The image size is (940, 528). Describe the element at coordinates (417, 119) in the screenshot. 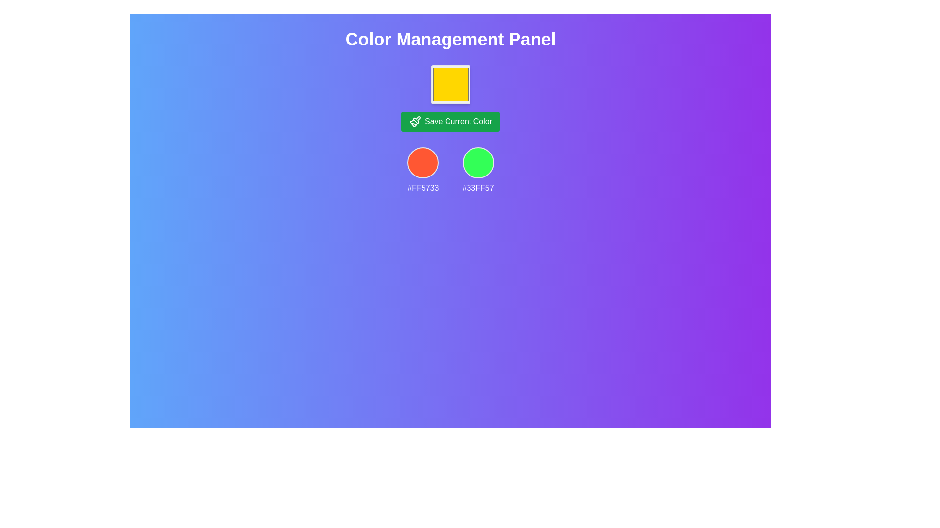

I see `the SVG graphic icon of a paintbrush located within the green button labeled 'Save Current Color'` at that location.